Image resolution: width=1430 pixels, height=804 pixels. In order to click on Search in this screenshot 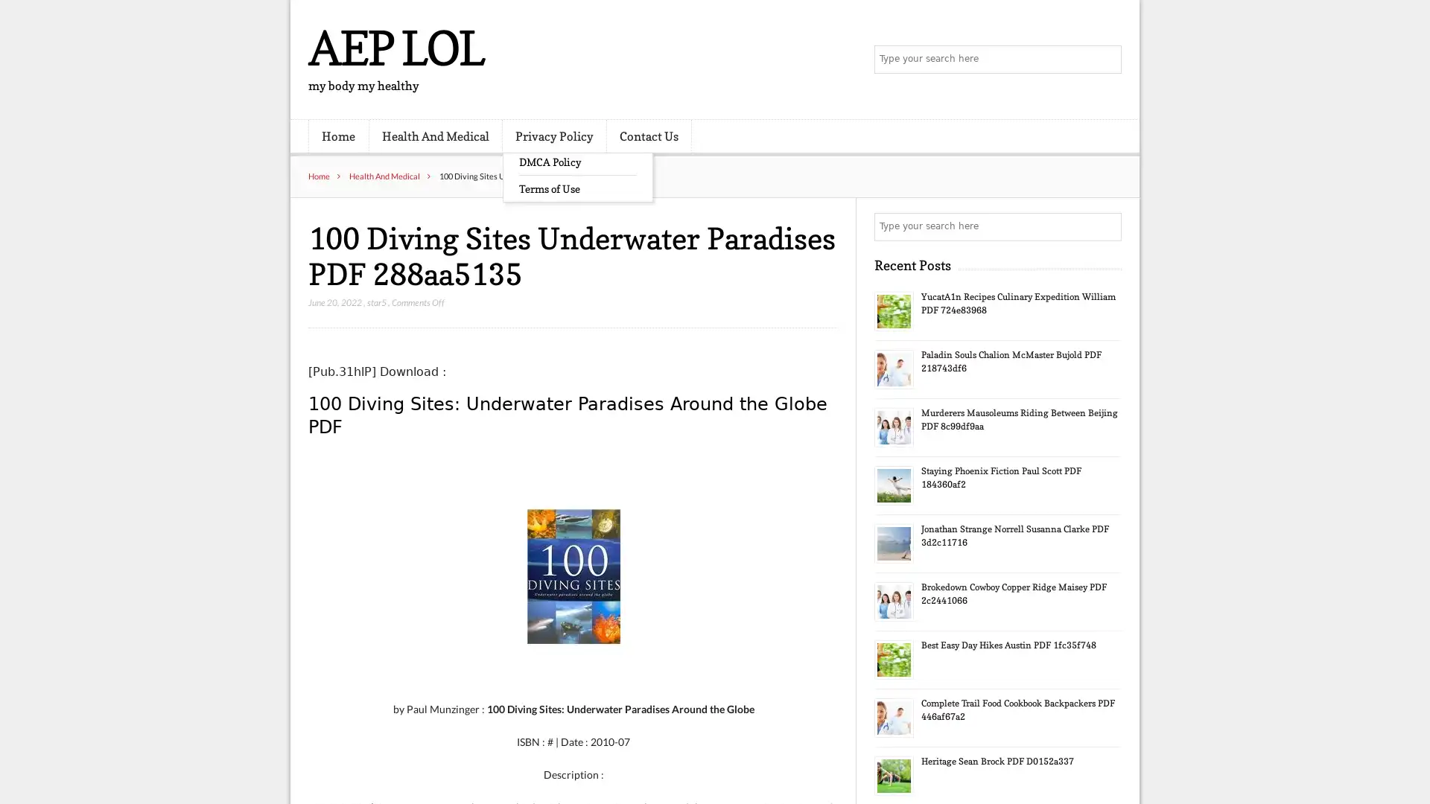, I will do `click(1106, 60)`.